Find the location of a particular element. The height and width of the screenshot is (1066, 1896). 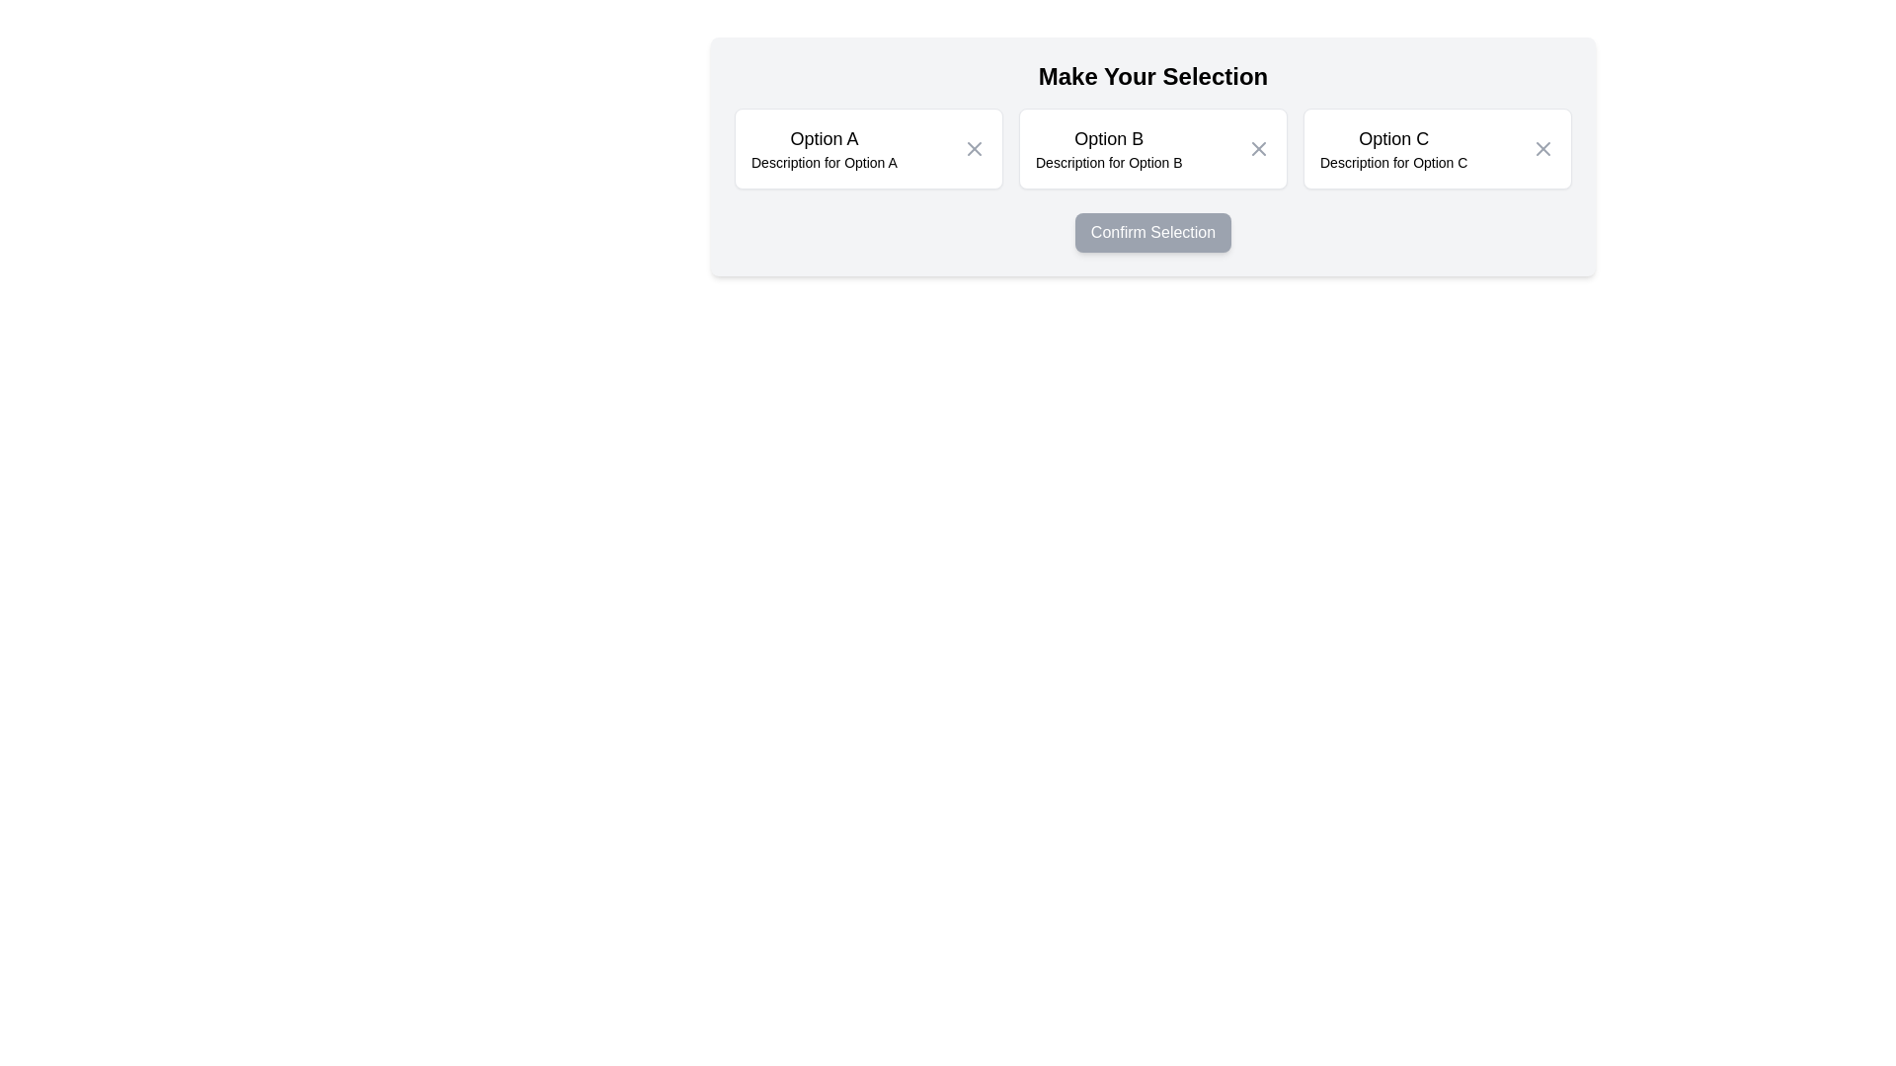

the 'Option B' selectable list option, which is a rectangular box with rounded corners displaying the title 'Option B' and a description, located between 'Option A' and 'Option C' is located at coordinates (1152, 147).